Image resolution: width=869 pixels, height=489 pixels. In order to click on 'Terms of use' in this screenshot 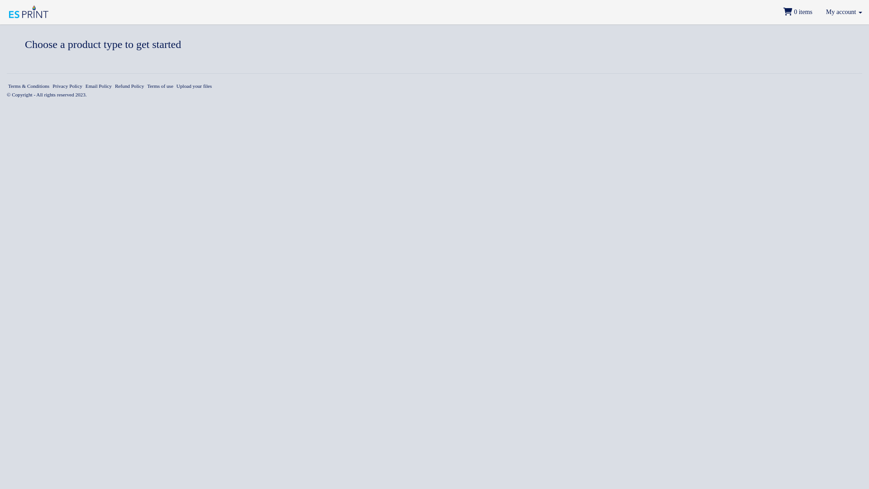, I will do `click(160, 86)`.